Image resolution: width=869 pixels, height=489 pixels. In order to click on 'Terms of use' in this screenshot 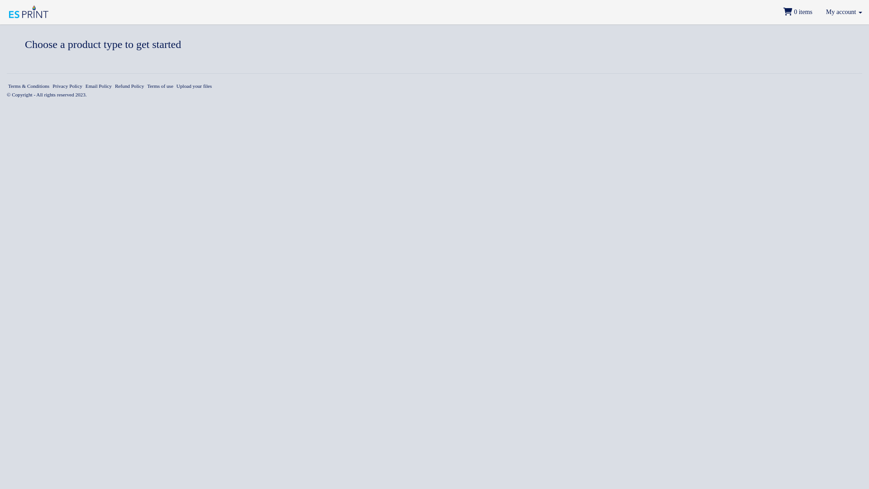, I will do `click(160, 86)`.